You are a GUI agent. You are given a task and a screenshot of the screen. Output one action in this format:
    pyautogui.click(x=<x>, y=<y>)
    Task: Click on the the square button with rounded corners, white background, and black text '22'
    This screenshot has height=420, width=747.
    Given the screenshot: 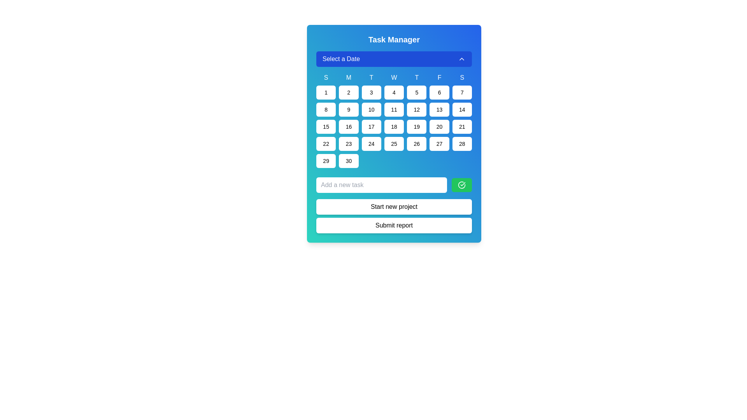 What is the action you would take?
    pyautogui.click(x=326, y=144)
    